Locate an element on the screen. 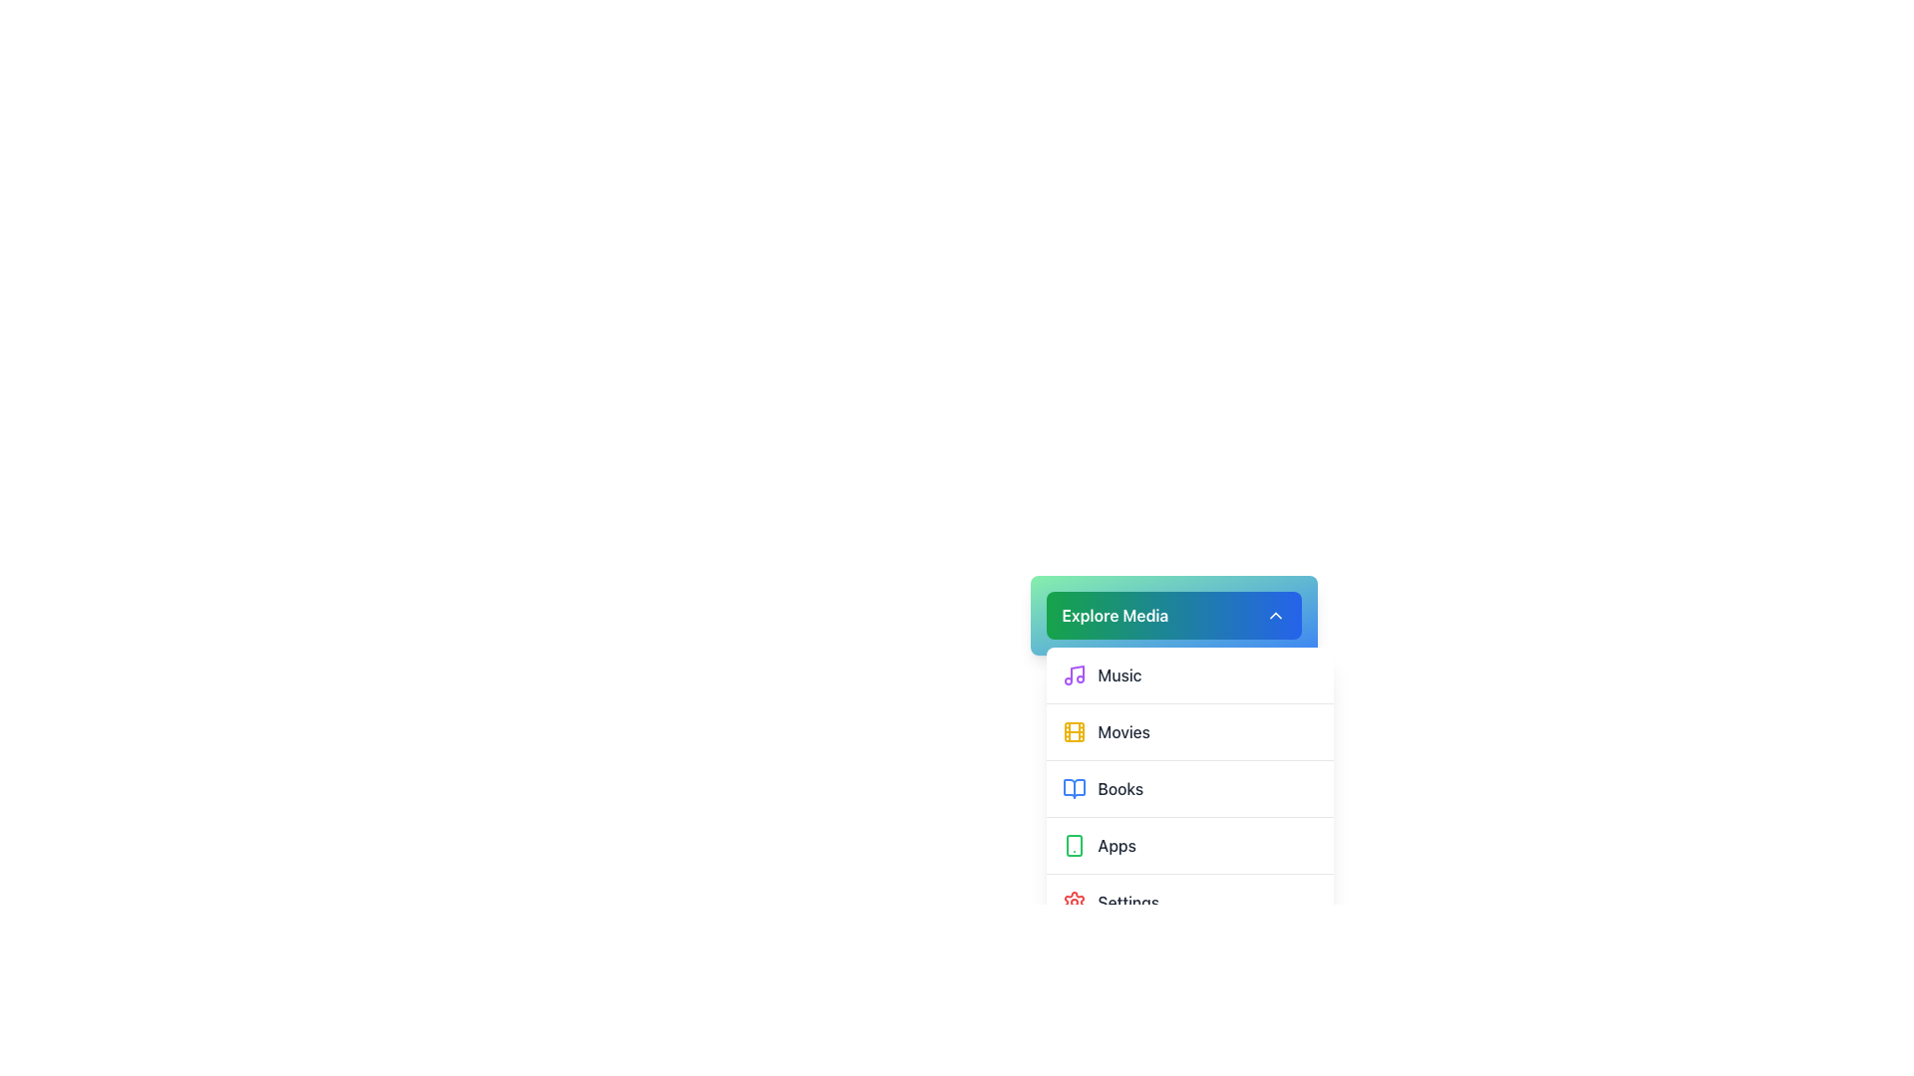 This screenshot has height=1076, width=1914. text of the 'Books' label located in the dropdown menu, positioned to the right of the open book icon is located at coordinates (1120, 787).